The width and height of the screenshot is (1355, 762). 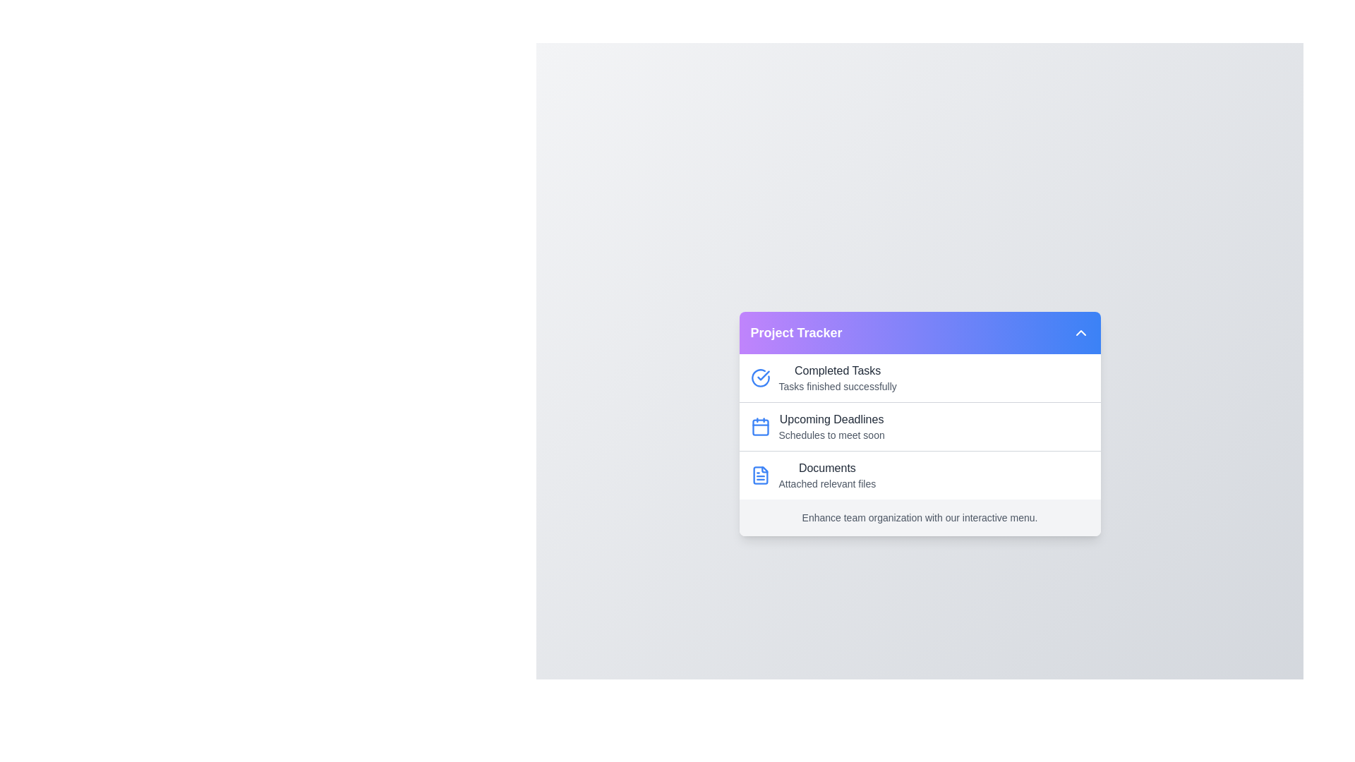 What do you see at coordinates (759, 476) in the screenshot?
I see `the icon associated with Documents` at bounding box center [759, 476].